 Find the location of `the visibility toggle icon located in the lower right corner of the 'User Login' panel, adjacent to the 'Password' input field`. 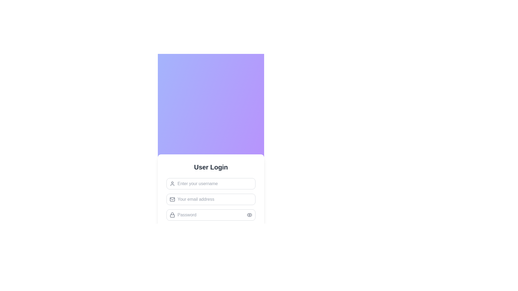

the visibility toggle icon located in the lower right corner of the 'User Login' panel, adjacent to the 'Password' input field is located at coordinates (249, 215).